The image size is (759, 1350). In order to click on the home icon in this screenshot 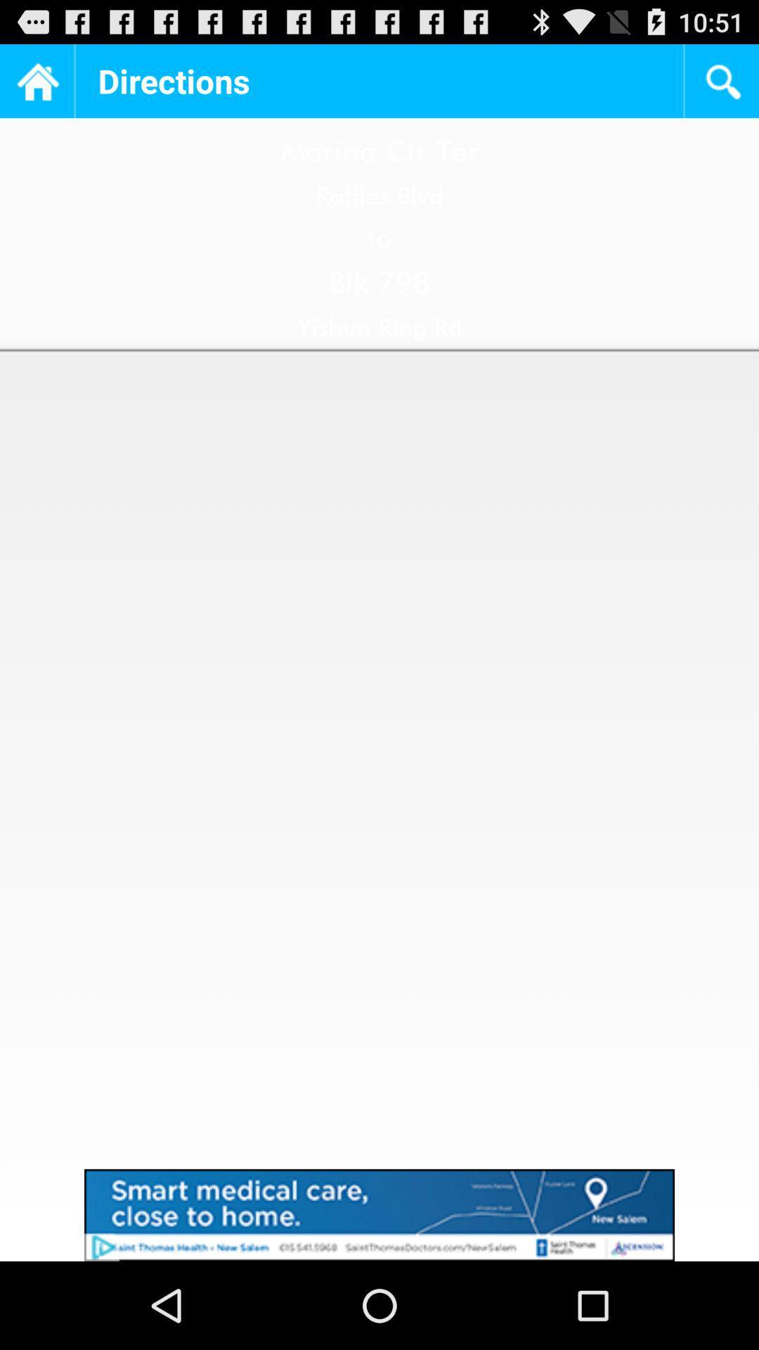, I will do `click(36, 86)`.